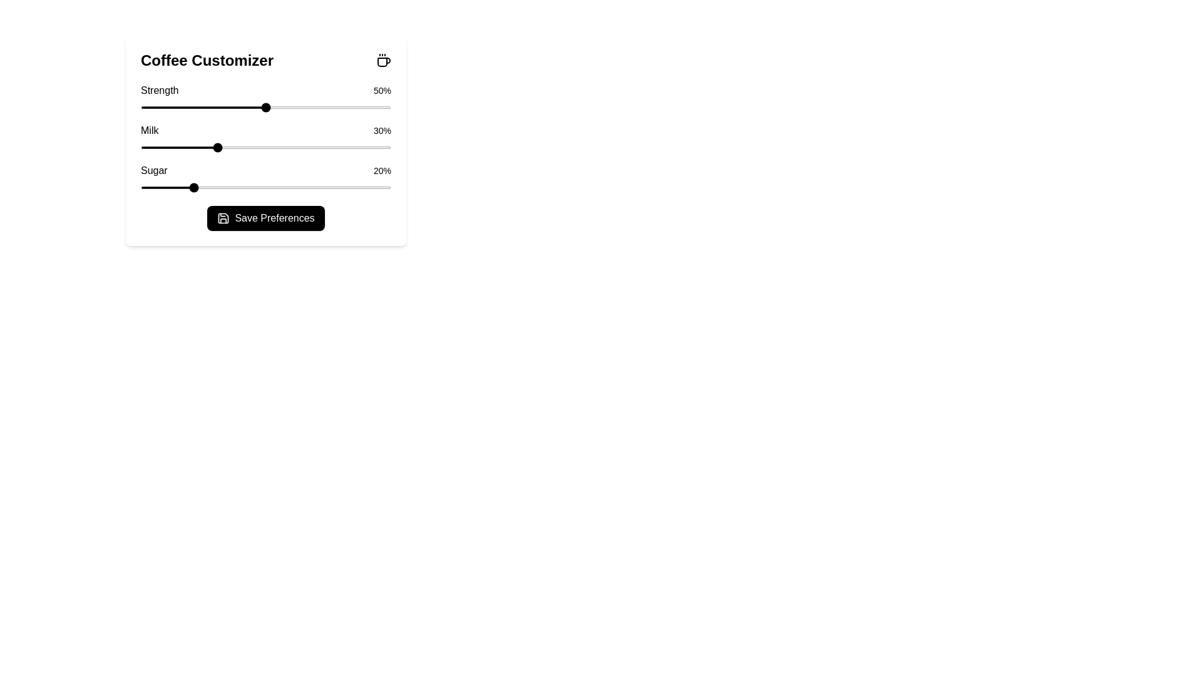 The image size is (1202, 676). Describe the element at coordinates (150, 130) in the screenshot. I see `the text label that describes the milk percentage adjustment slider in the Coffee Customizer card interface, positioned to the left of the '30%' display and above the slider` at that location.